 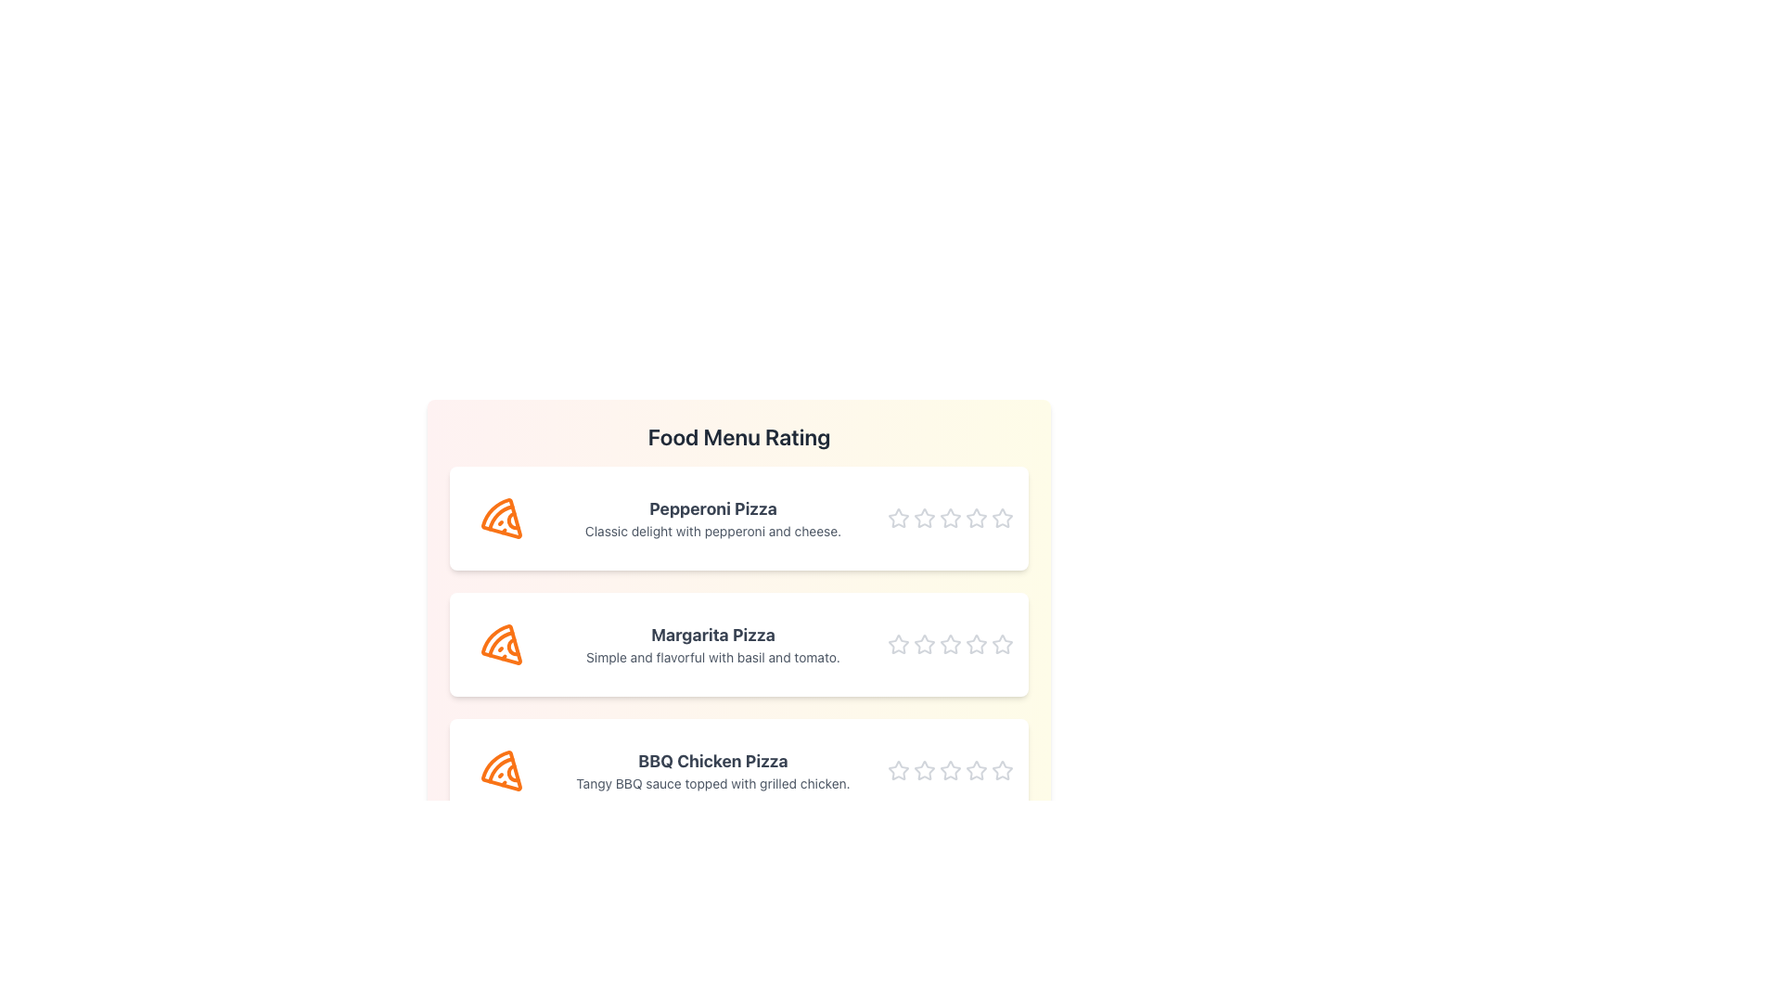 I want to click on the first star icon in the star rating system for the 'BBQ Chicken Pizza' section to enlarge it, so click(x=899, y=770).